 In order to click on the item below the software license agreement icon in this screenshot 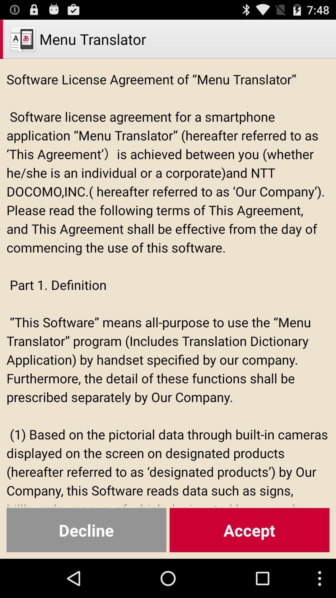, I will do `click(249, 530)`.